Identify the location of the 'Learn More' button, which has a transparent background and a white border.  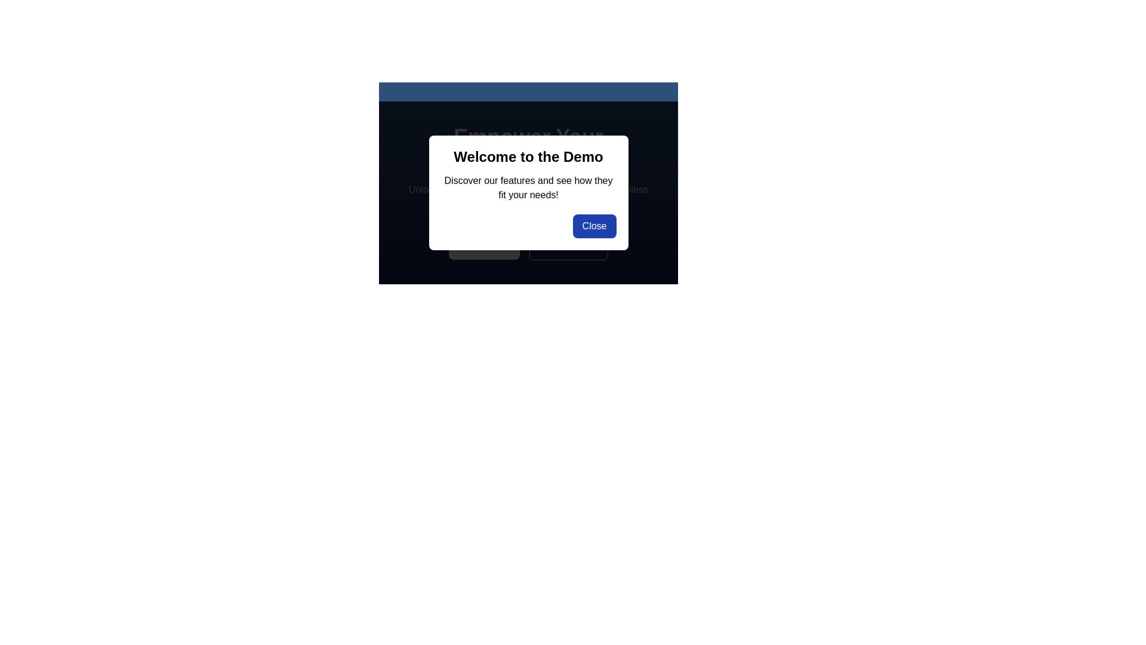
(528, 245).